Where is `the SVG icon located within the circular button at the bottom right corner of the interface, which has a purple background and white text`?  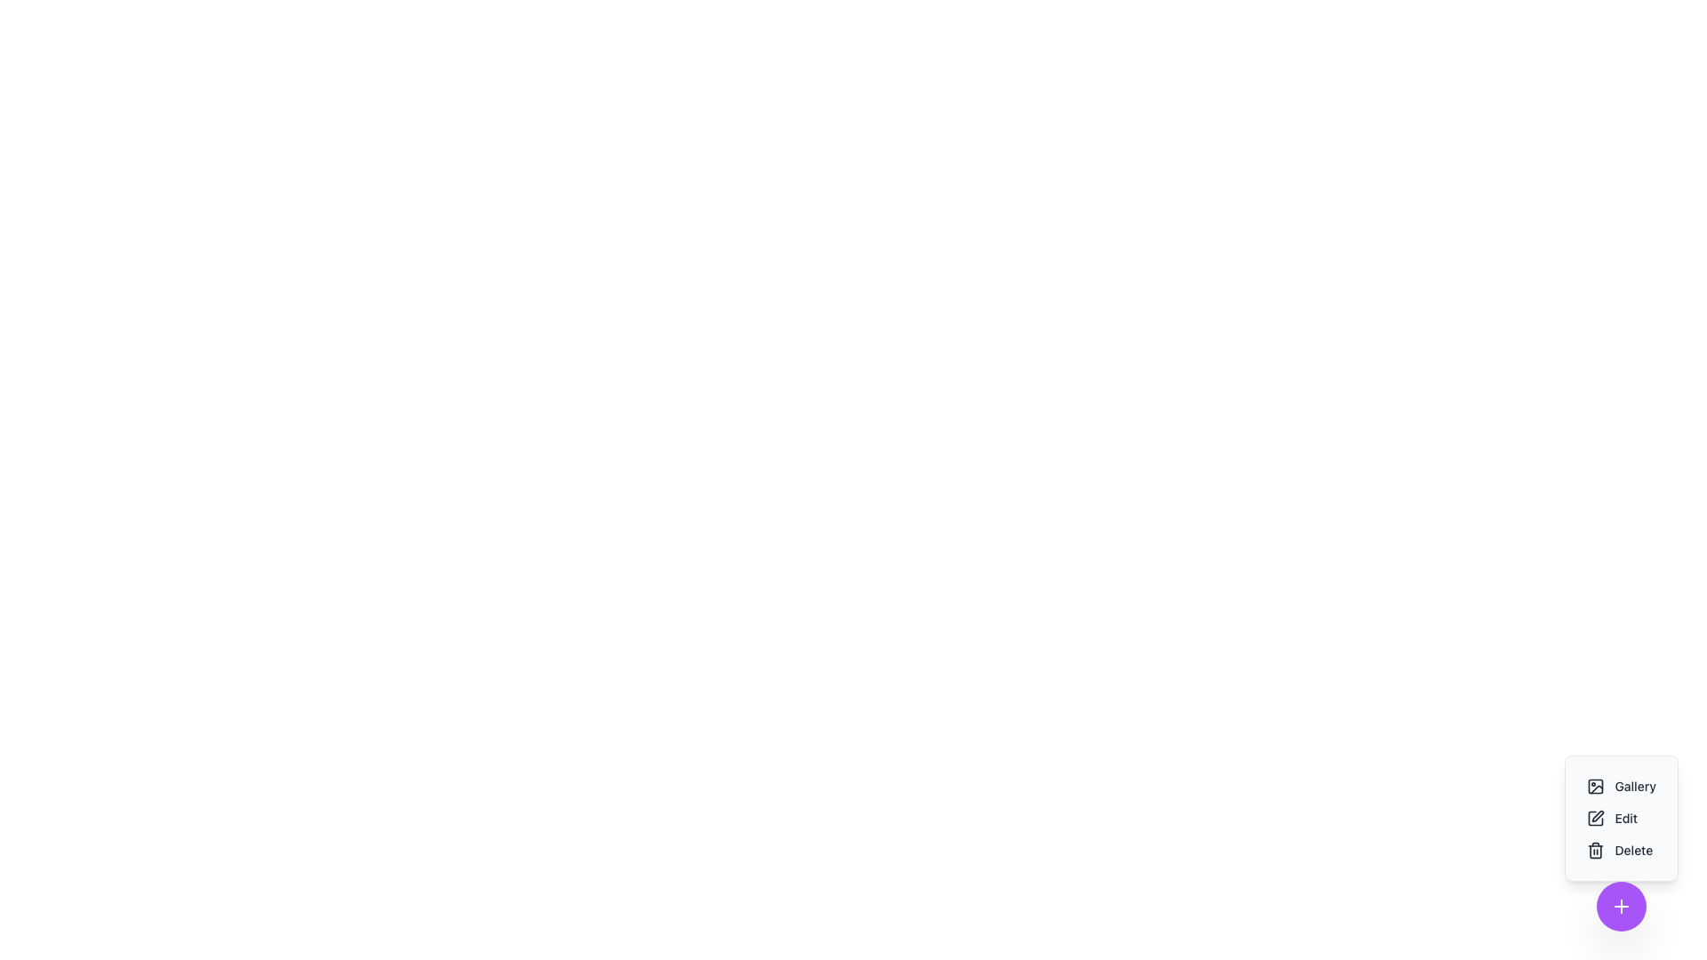 the SVG icon located within the circular button at the bottom right corner of the interface, which has a purple background and white text is located at coordinates (1621, 906).